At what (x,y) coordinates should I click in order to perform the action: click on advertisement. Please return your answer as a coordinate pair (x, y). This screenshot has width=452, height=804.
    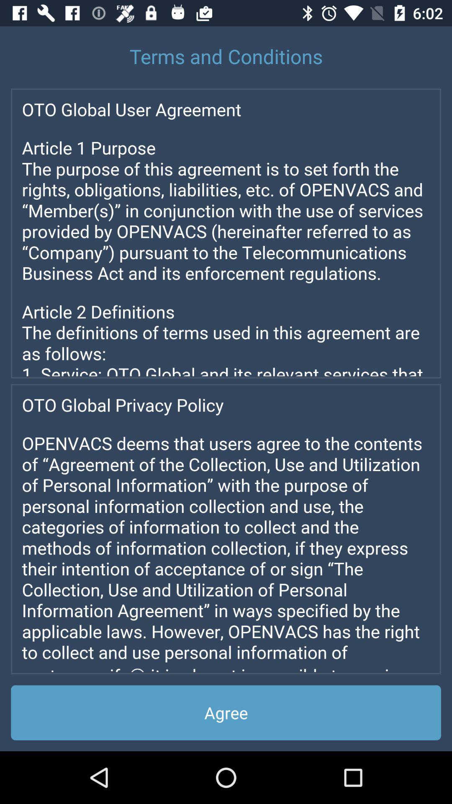
    Looking at the image, I should click on (226, 528).